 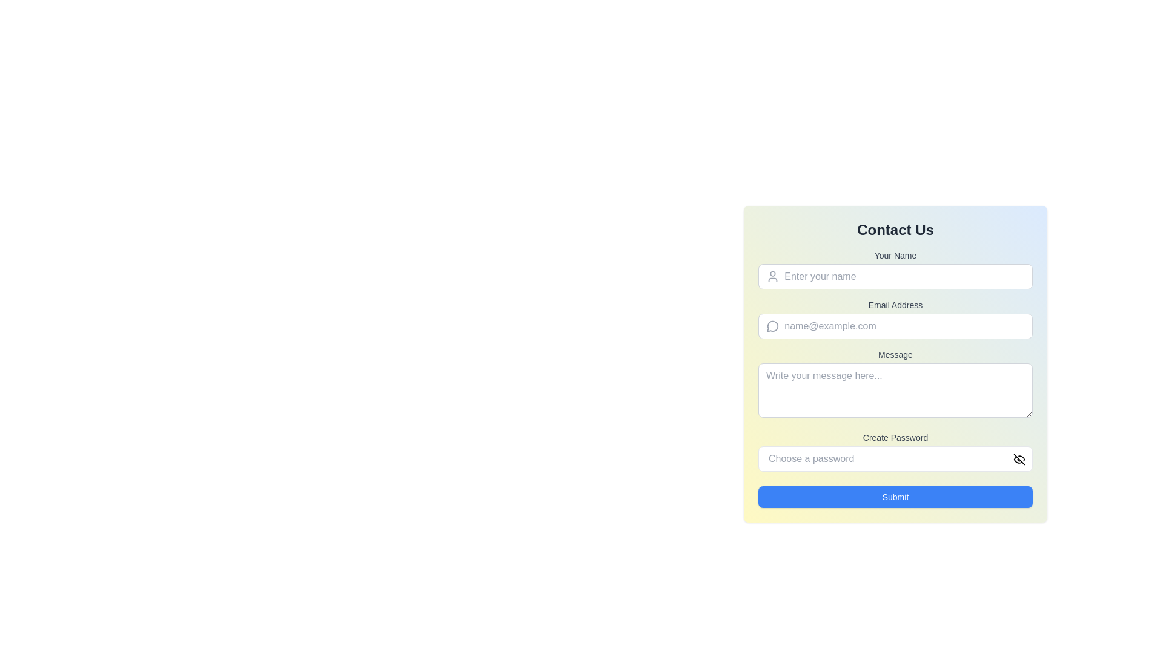 I want to click on the submit button located at the bottom of the form to change its background color, so click(x=895, y=497).